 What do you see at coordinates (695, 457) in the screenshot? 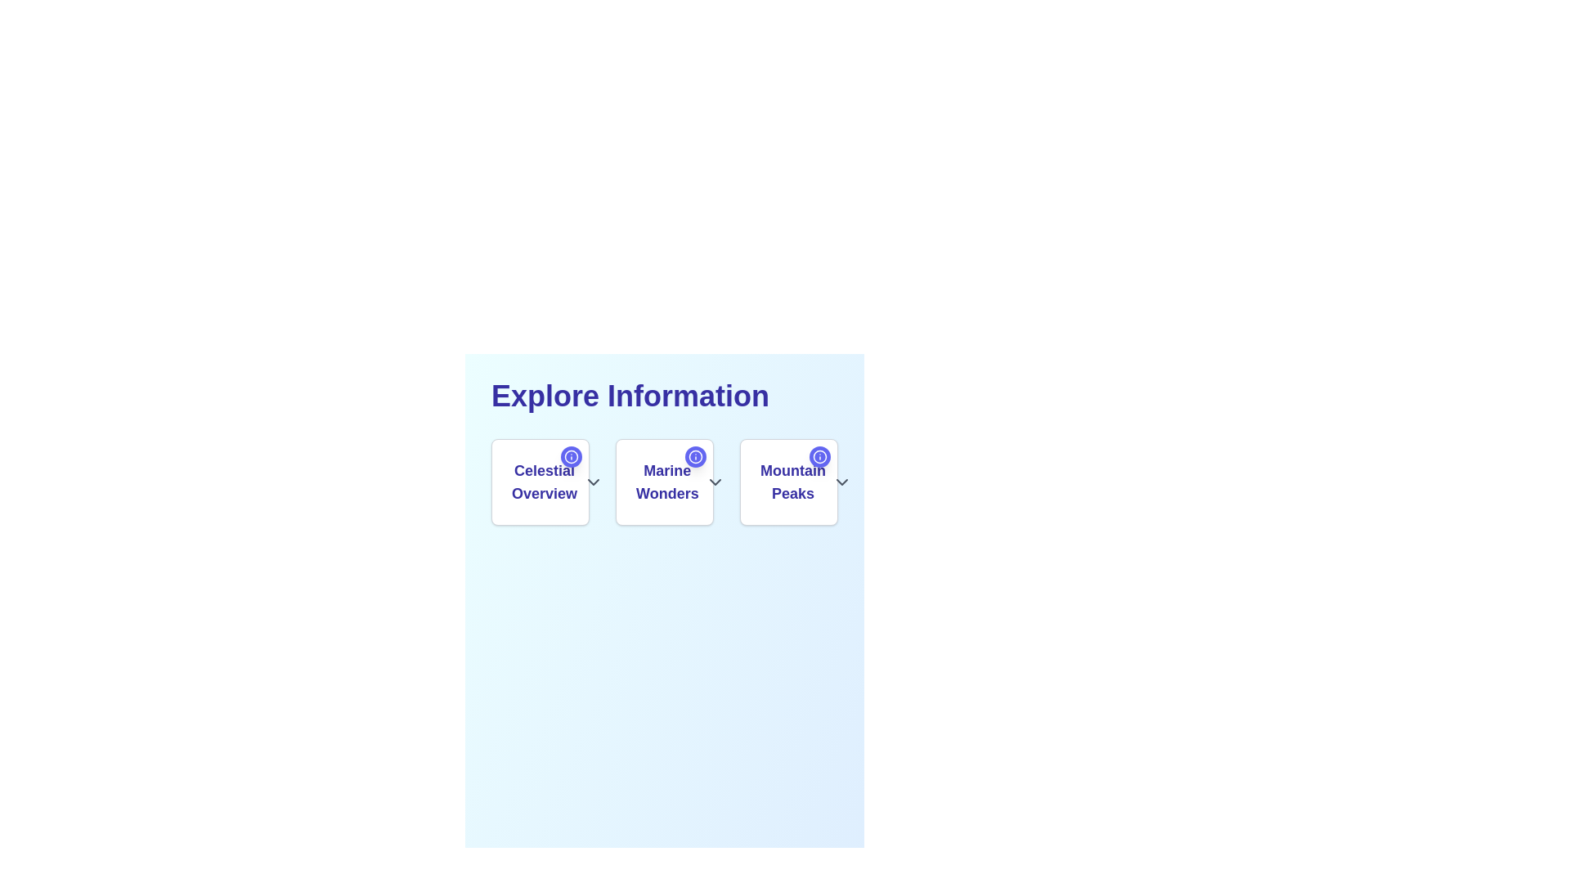
I see `the Information icon tooltip, which is a circular icon with a rich purple background and a white border, located at the top-right corner inside the 'Marine Wonders' card` at bounding box center [695, 457].